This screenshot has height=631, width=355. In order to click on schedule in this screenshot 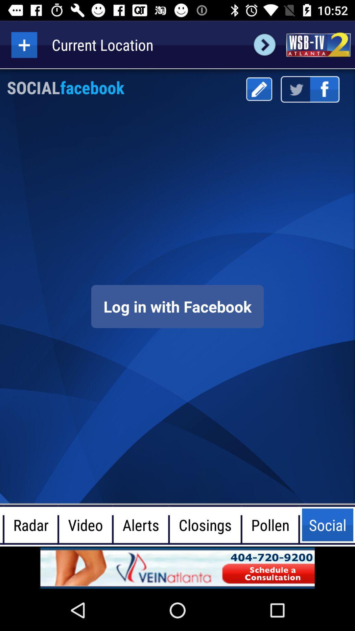, I will do `click(177, 568)`.